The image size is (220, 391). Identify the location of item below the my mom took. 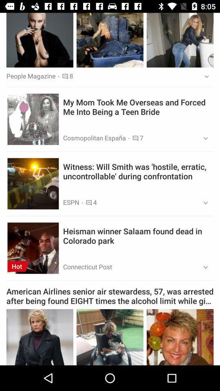
(202, 138).